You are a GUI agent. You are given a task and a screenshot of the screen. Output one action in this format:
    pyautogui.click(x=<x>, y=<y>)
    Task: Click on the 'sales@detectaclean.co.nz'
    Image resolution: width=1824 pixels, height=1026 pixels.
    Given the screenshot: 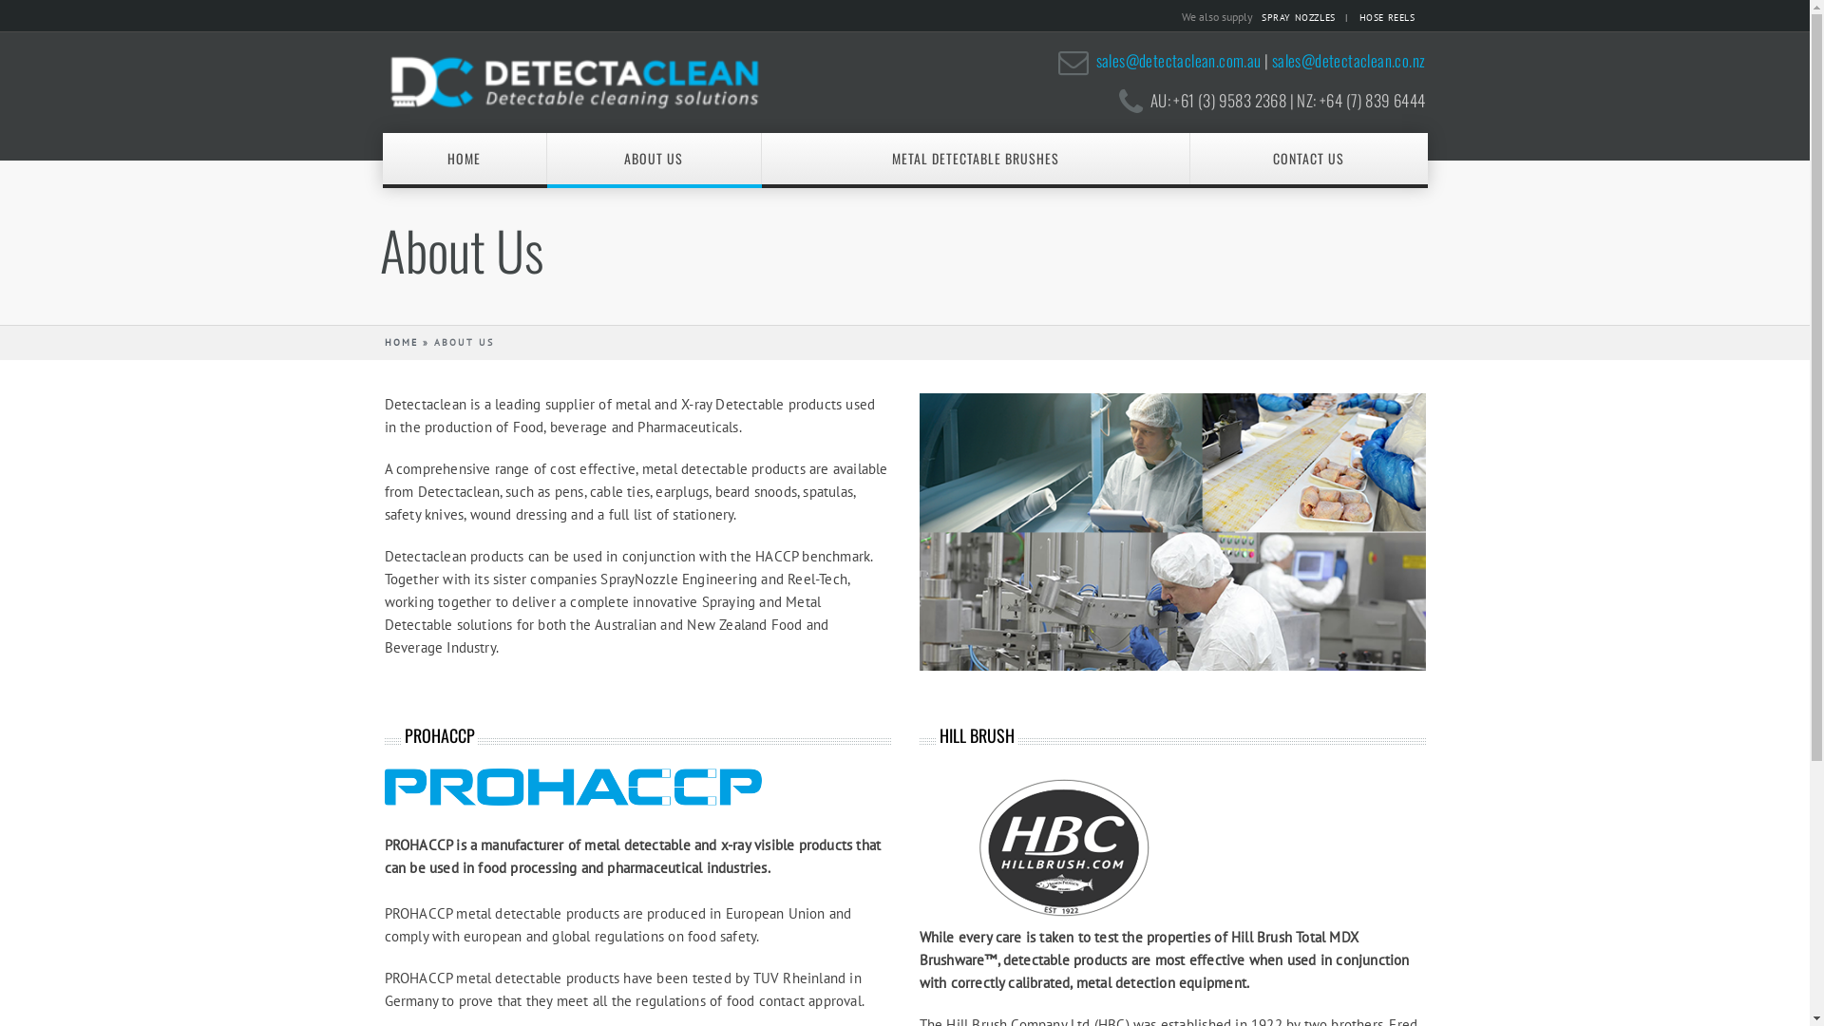 What is the action you would take?
    pyautogui.click(x=1348, y=59)
    